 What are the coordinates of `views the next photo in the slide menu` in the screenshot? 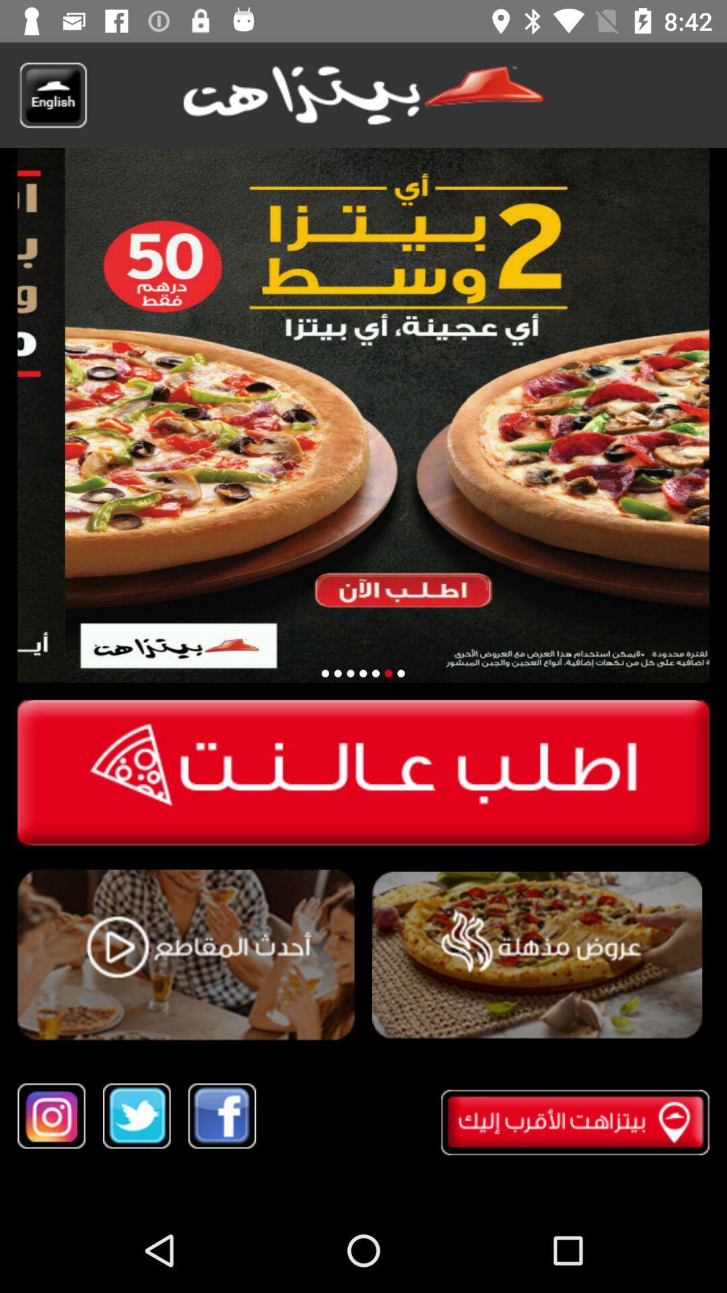 It's located at (376, 673).